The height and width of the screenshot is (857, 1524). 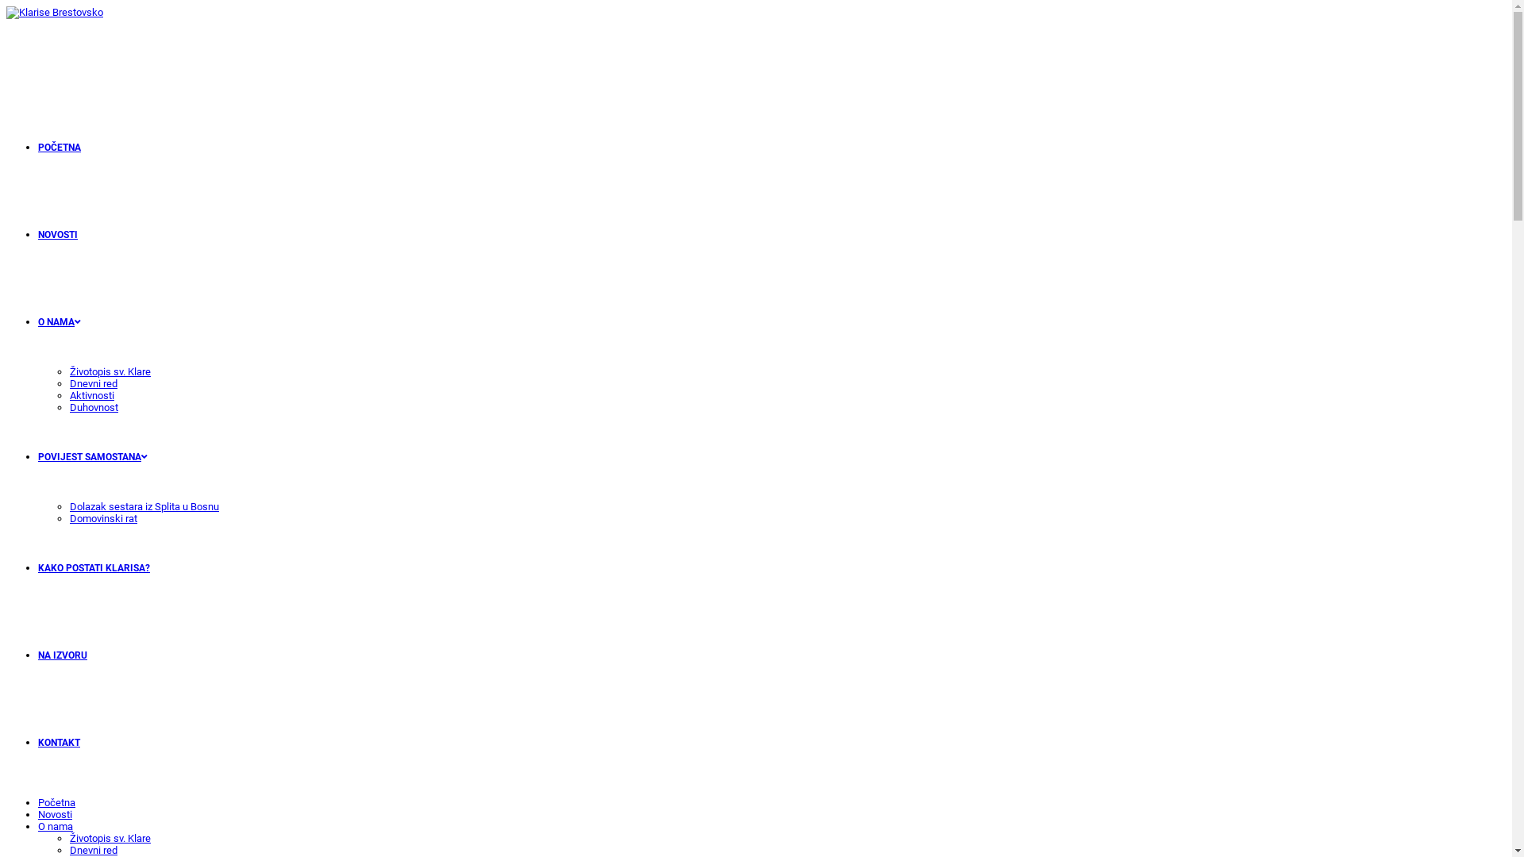 What do you see at coordinates (93, 383) in the screenshot?
I see `'Dnevni red'` at bounding box center [93, 383].